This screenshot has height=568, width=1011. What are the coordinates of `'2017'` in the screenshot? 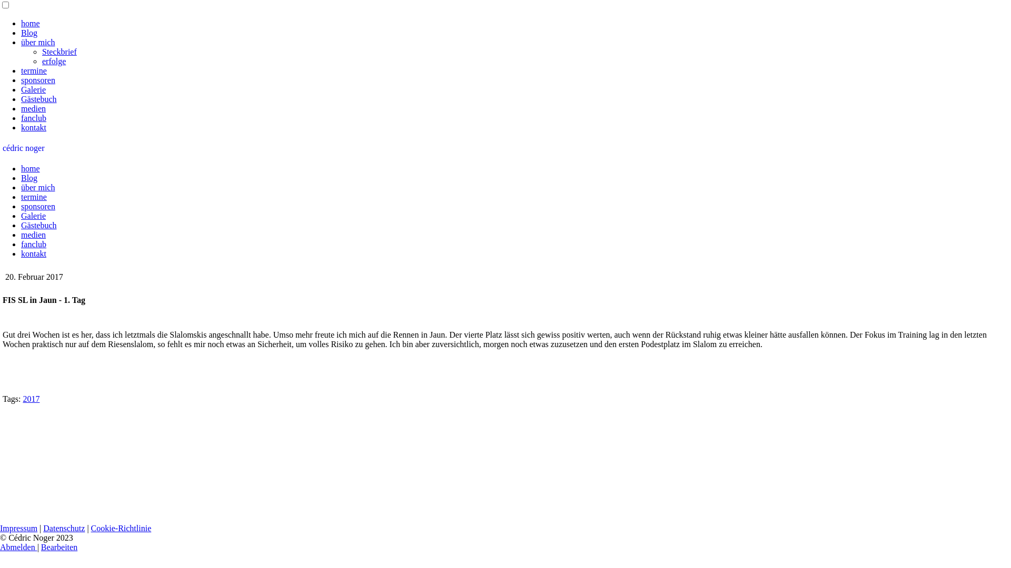 It's located at (31, 399).